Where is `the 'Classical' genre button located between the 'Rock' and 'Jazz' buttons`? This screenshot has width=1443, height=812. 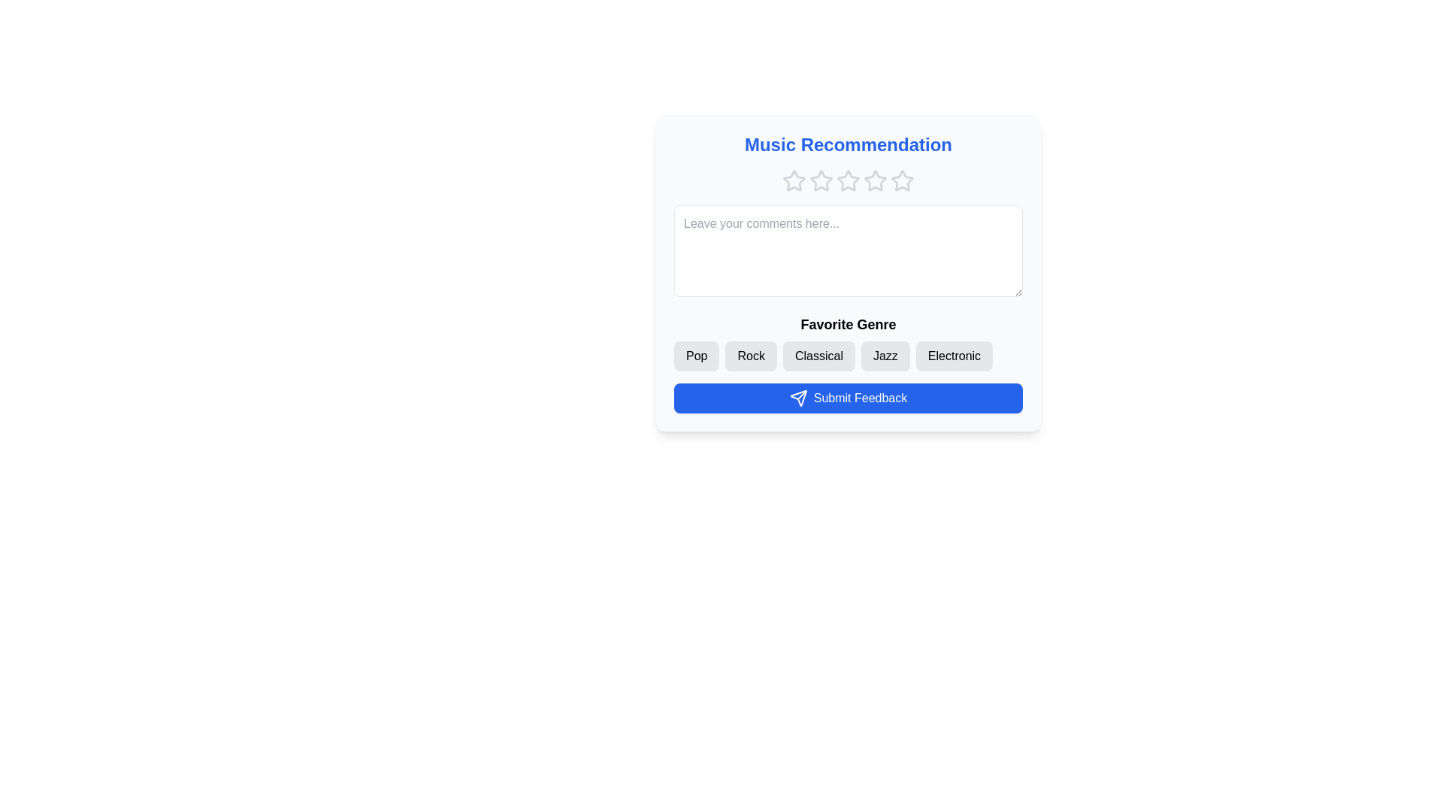 the 'Classical' genre button located between the 'Rock' and 'Jazz' buttons is located at coordinates (818, 356).